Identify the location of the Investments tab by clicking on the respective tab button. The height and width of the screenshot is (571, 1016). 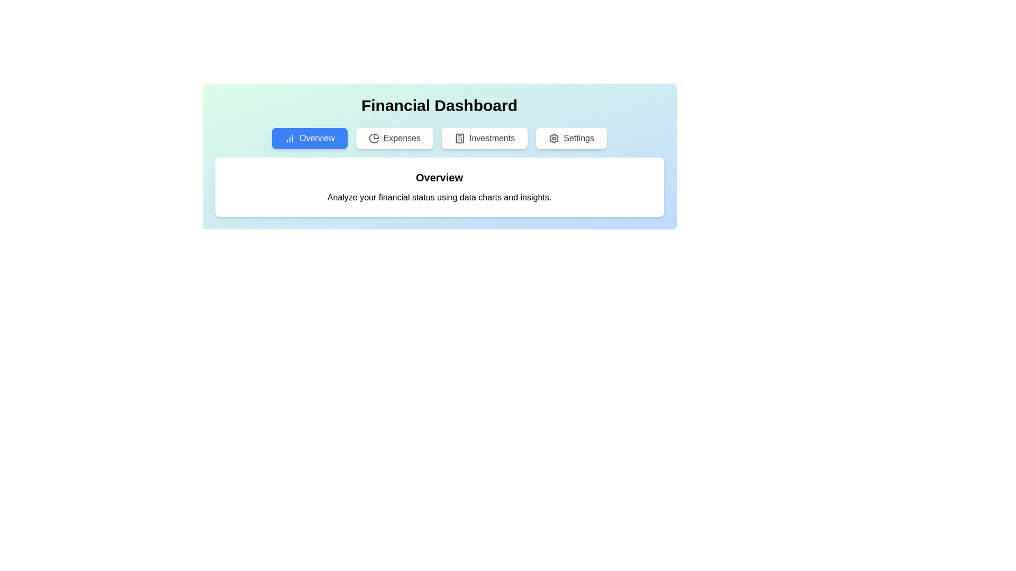
(484, 138).